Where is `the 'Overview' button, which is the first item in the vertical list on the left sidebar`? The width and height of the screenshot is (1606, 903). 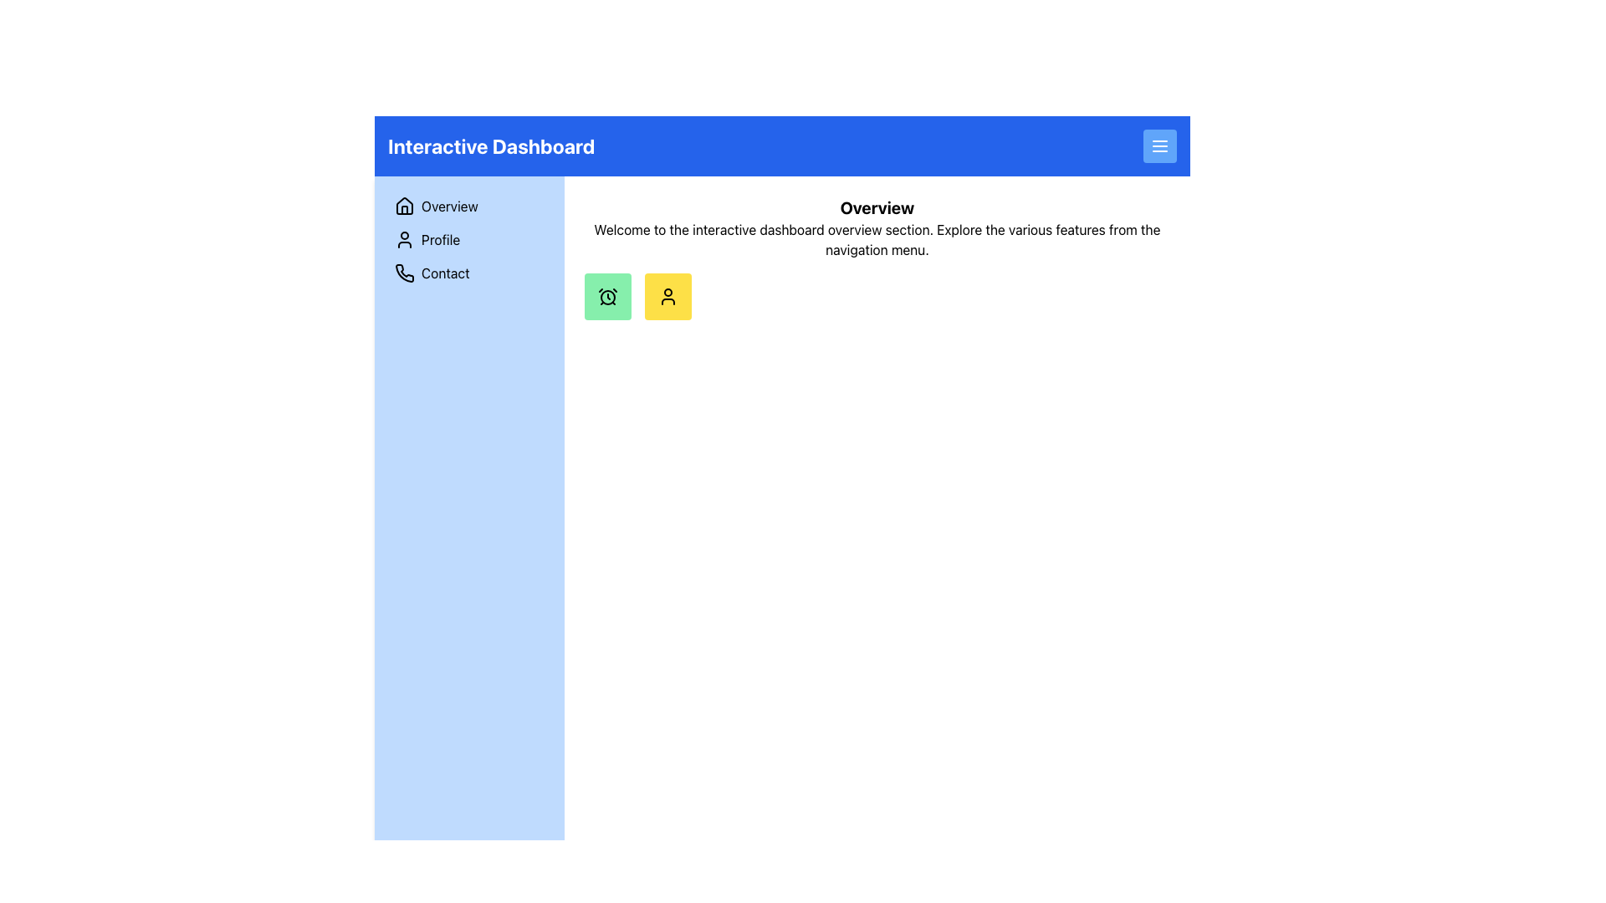 the 'Overview' button, which is the first item in the vertical list on the left sidebar is located at coordinates (468, 205).